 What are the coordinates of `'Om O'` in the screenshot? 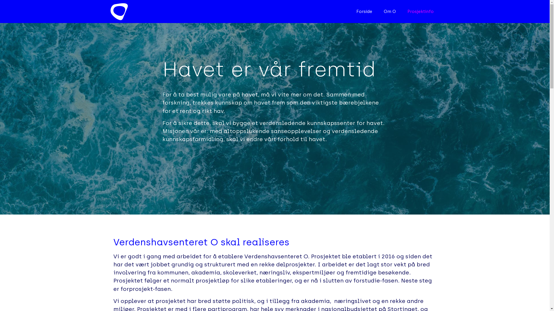 It's located at (390, 11).